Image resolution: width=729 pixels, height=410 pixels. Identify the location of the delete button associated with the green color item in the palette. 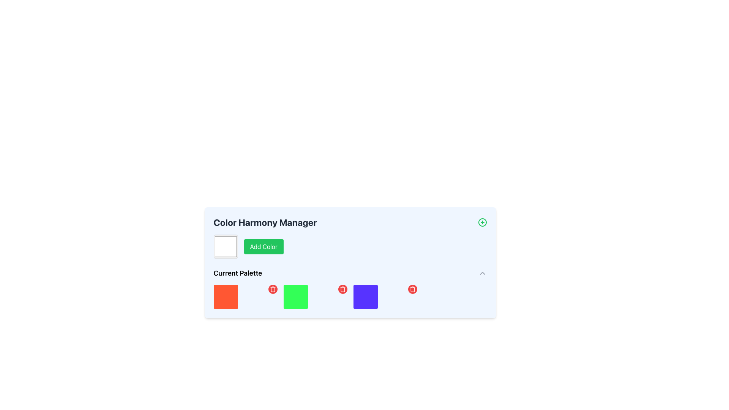
(342, 289).